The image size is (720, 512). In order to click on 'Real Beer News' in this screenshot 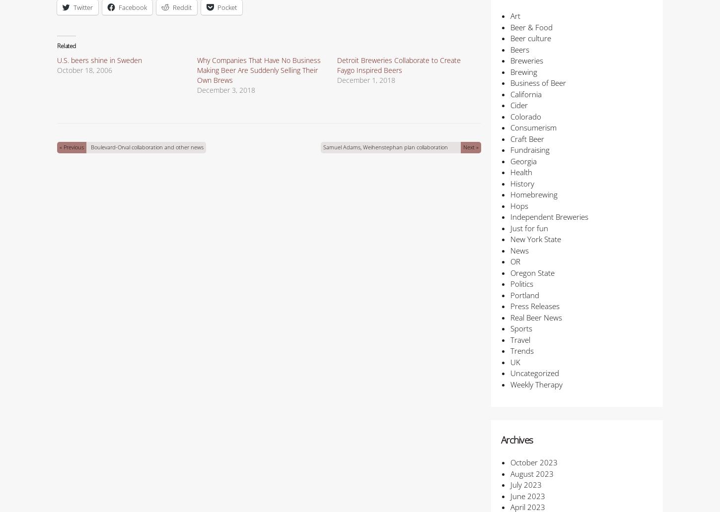, I will do `click(535, 317)`.